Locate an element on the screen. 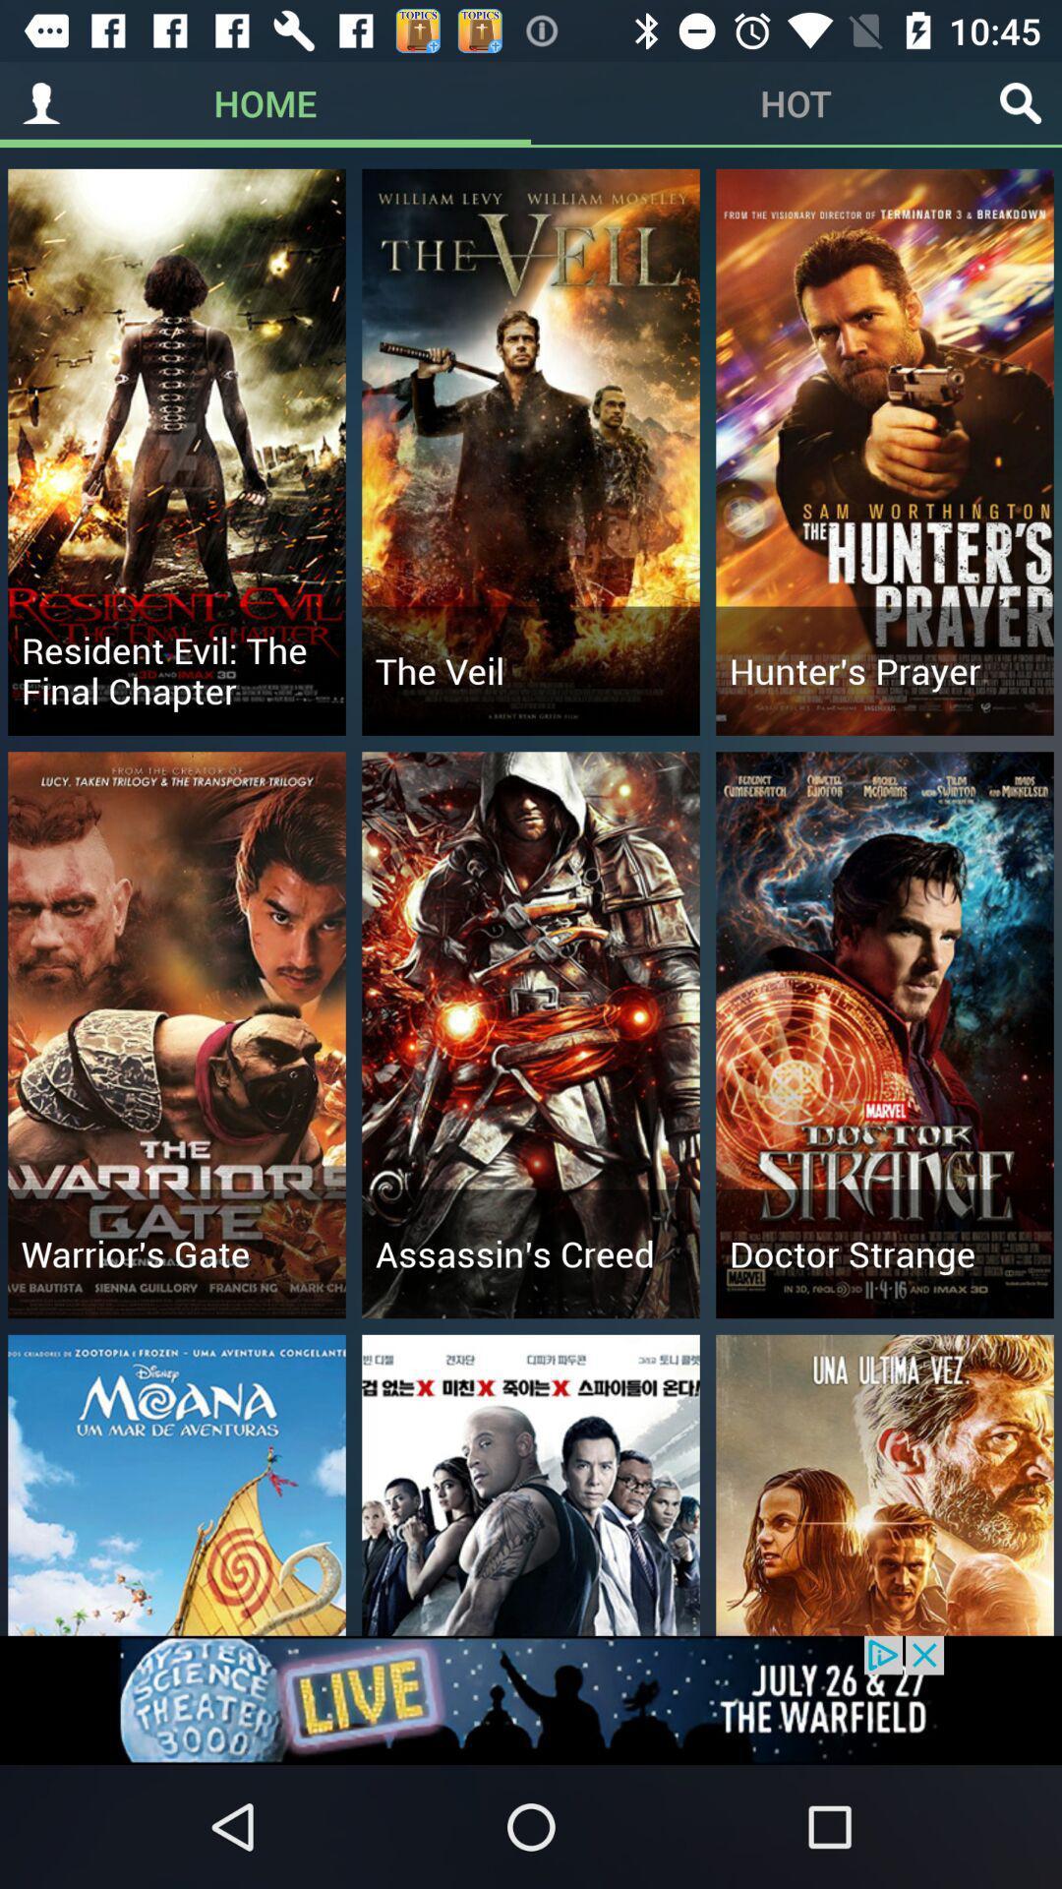 The width and height of the screenshot is (1062, 1889). image below doctor strange is located at coordinates (883, 1486).